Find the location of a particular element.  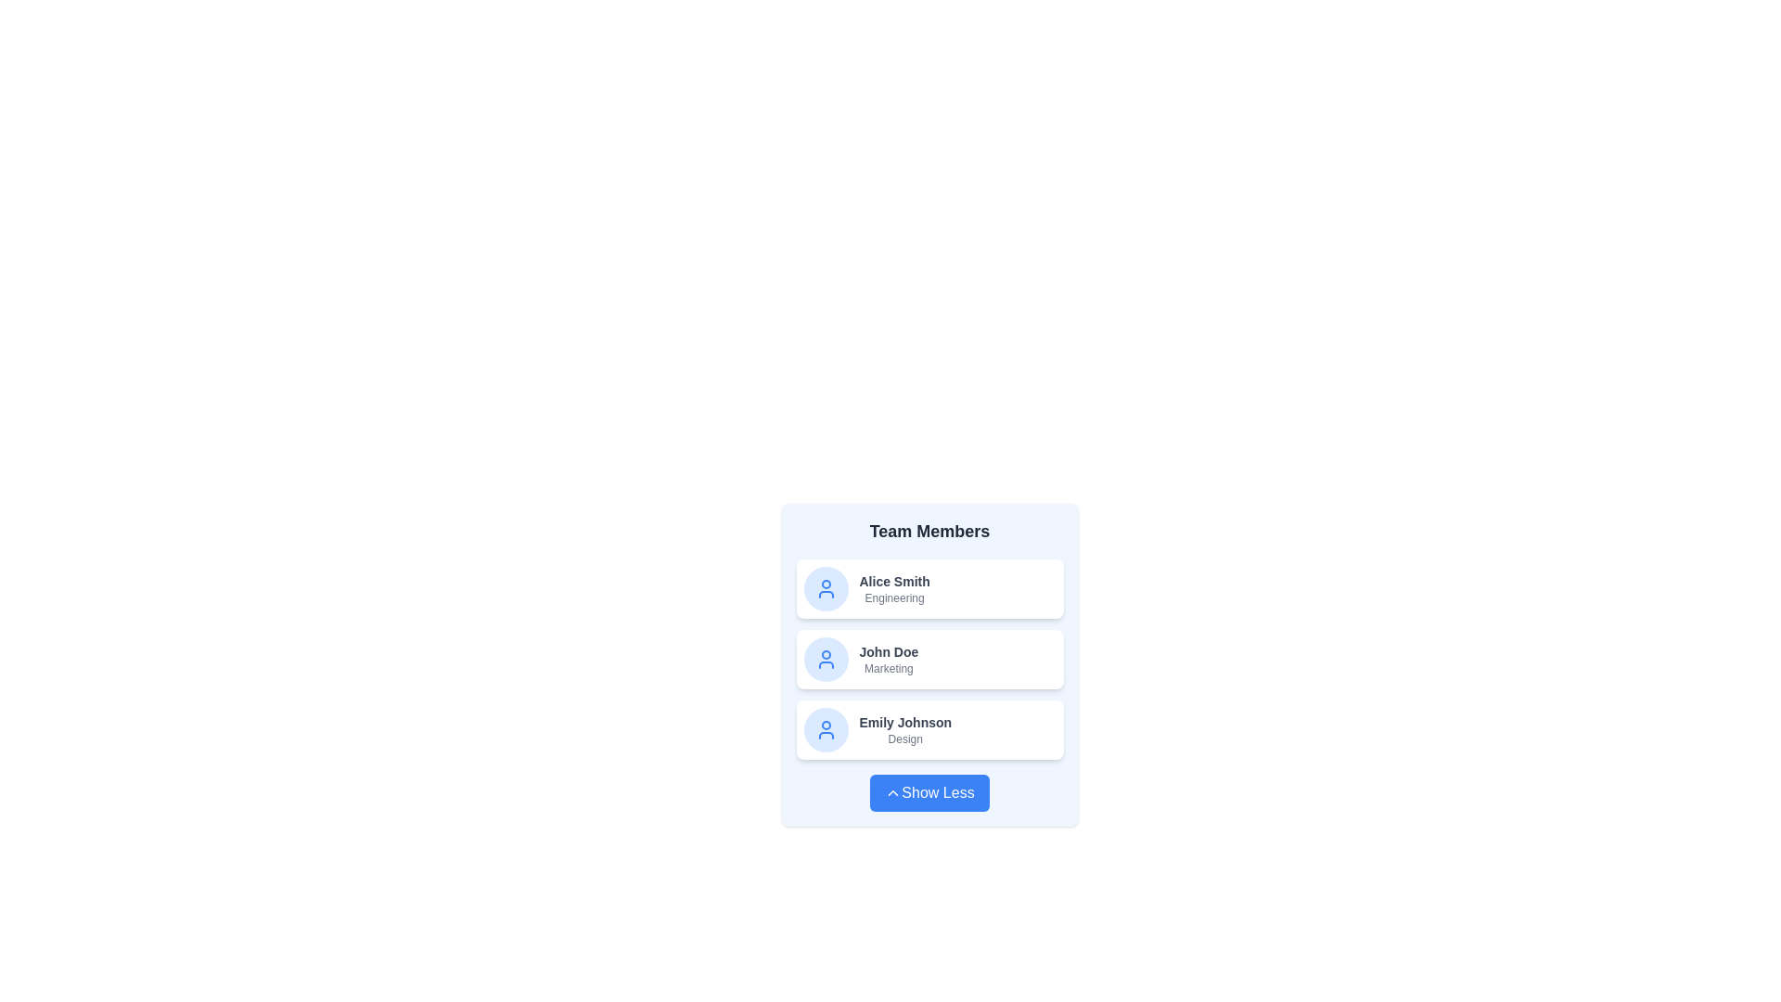

the blue circular profile icon representing 'Emily Johnson' located in the third list item of the 'Team Members' section is located at coordinates (825, 728).